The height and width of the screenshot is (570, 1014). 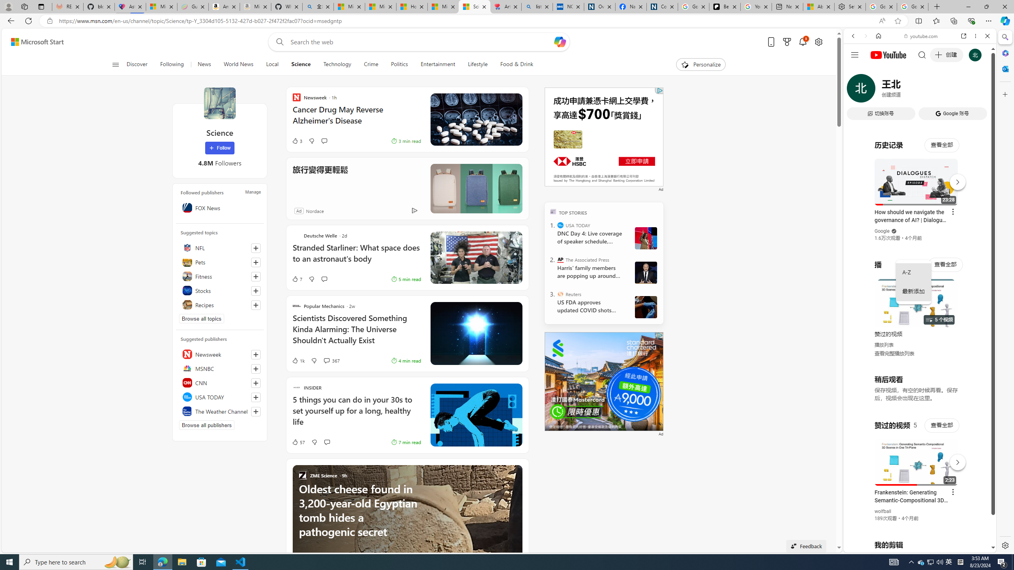 I want to click on 'Lifestyle', so click(x=477, y=64).